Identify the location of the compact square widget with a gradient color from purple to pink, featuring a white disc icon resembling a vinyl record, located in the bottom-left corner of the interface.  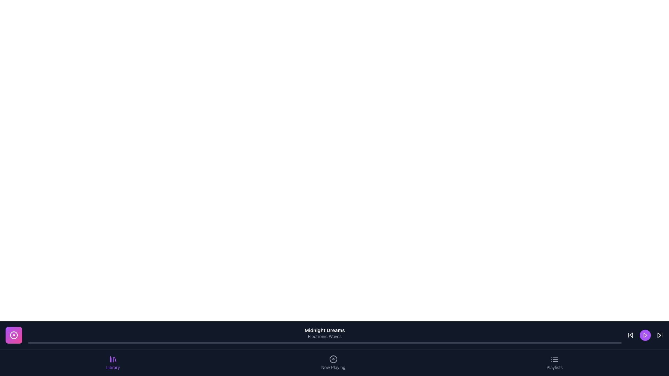
(14, 335).